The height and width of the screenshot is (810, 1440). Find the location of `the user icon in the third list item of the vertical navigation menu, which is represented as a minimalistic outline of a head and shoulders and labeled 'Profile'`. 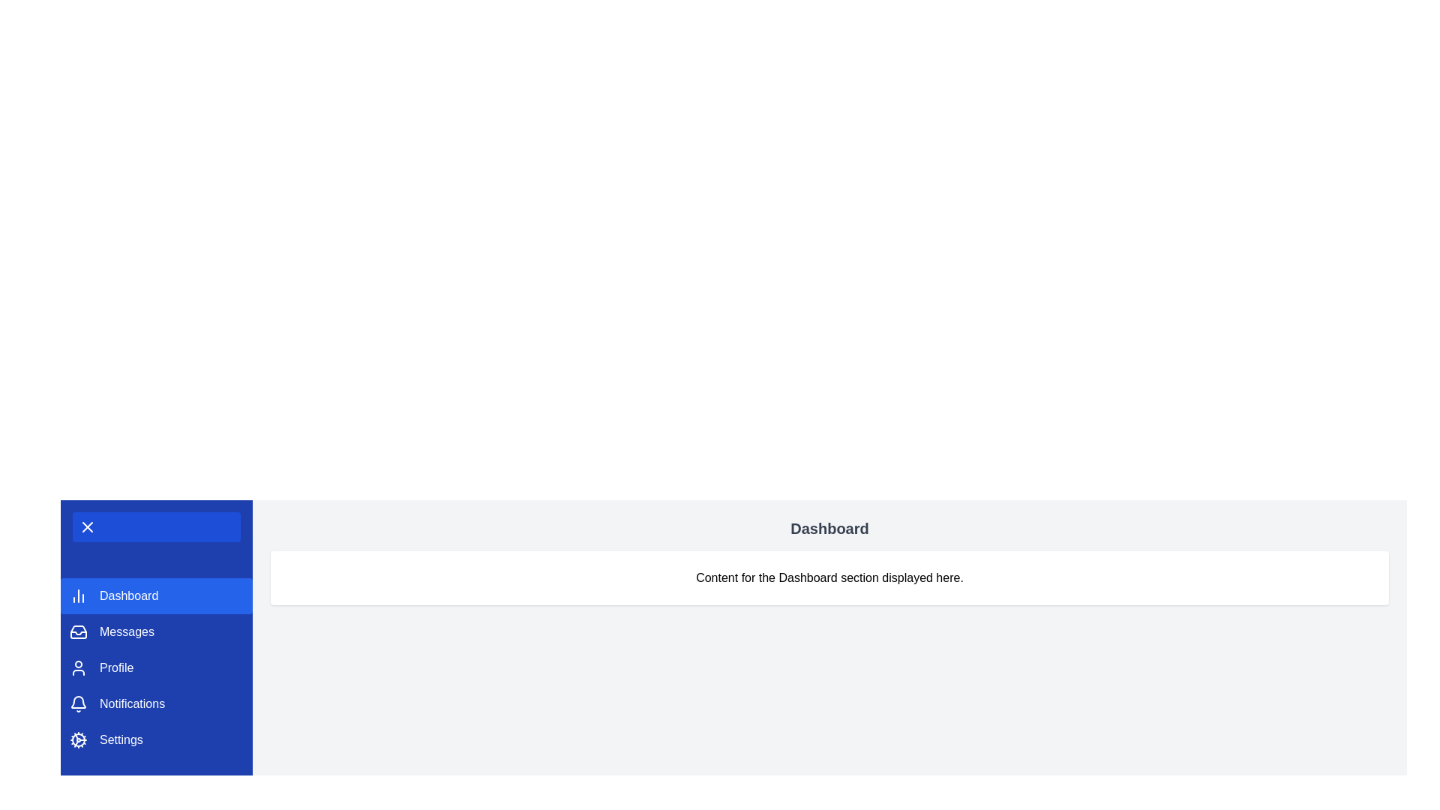

the user icon in the third list item of the vertical navigation menu, which is represented as a minimalistic outline of a head and shoulders and labeled 'Profile' is located at coordinates (78, 667).